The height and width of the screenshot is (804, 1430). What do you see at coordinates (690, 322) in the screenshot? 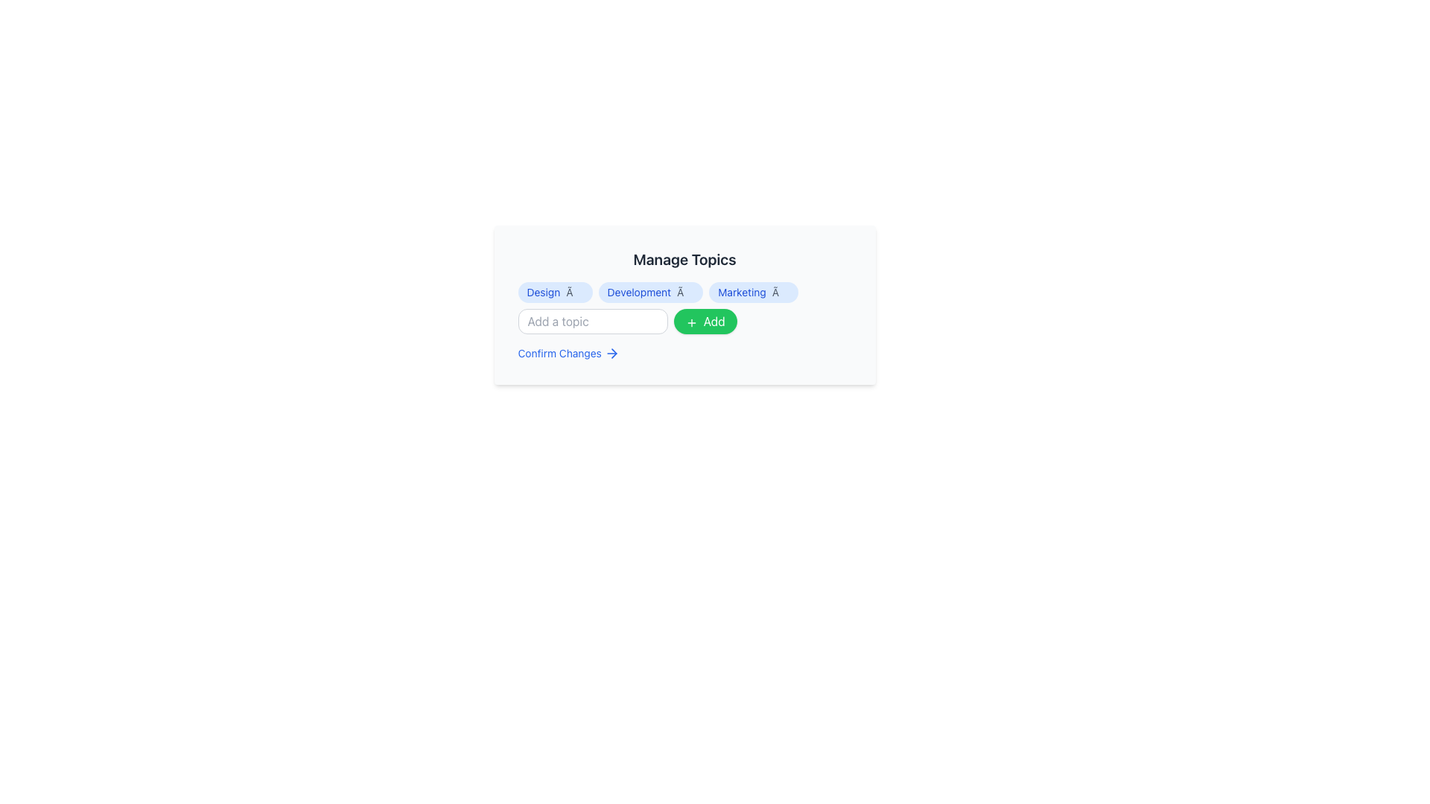
I see `the '+' icon within the green 'Add' button` at bounding box center [690, 322].